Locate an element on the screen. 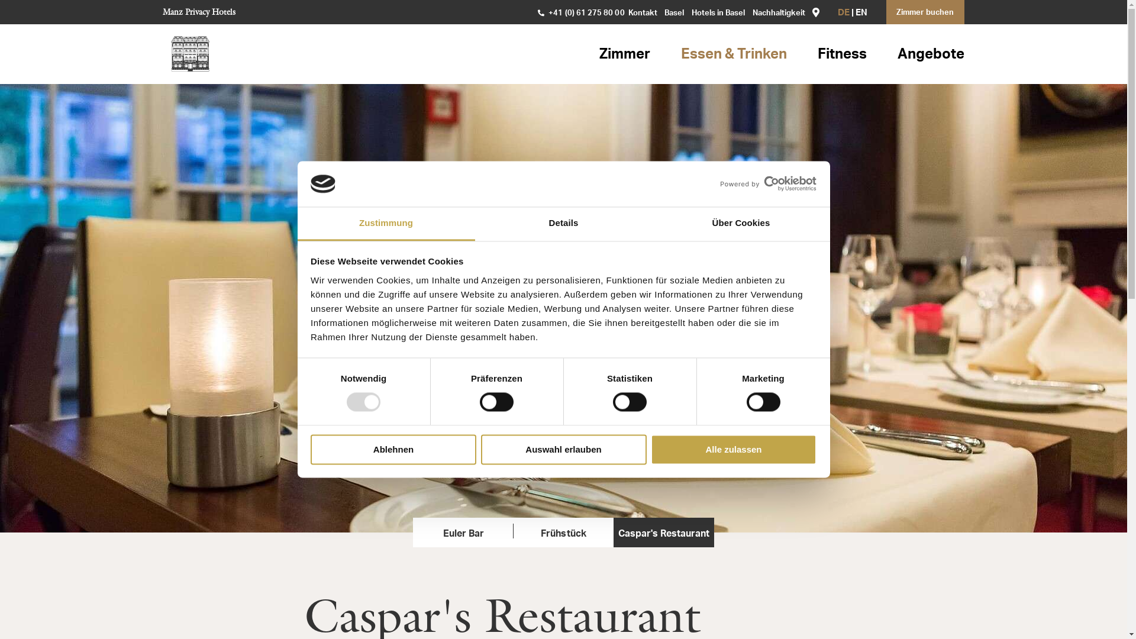 This screenshot has width=1136, height=639. 'Auswahl erlauben' is located at coordinates (480, 449).